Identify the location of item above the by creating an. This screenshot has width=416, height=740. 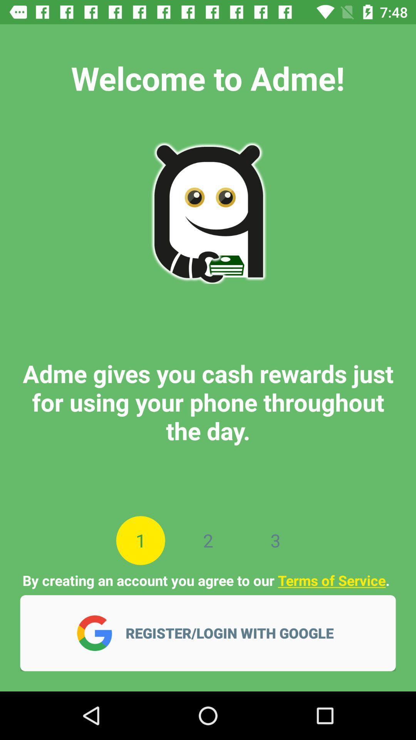
(275, 540).